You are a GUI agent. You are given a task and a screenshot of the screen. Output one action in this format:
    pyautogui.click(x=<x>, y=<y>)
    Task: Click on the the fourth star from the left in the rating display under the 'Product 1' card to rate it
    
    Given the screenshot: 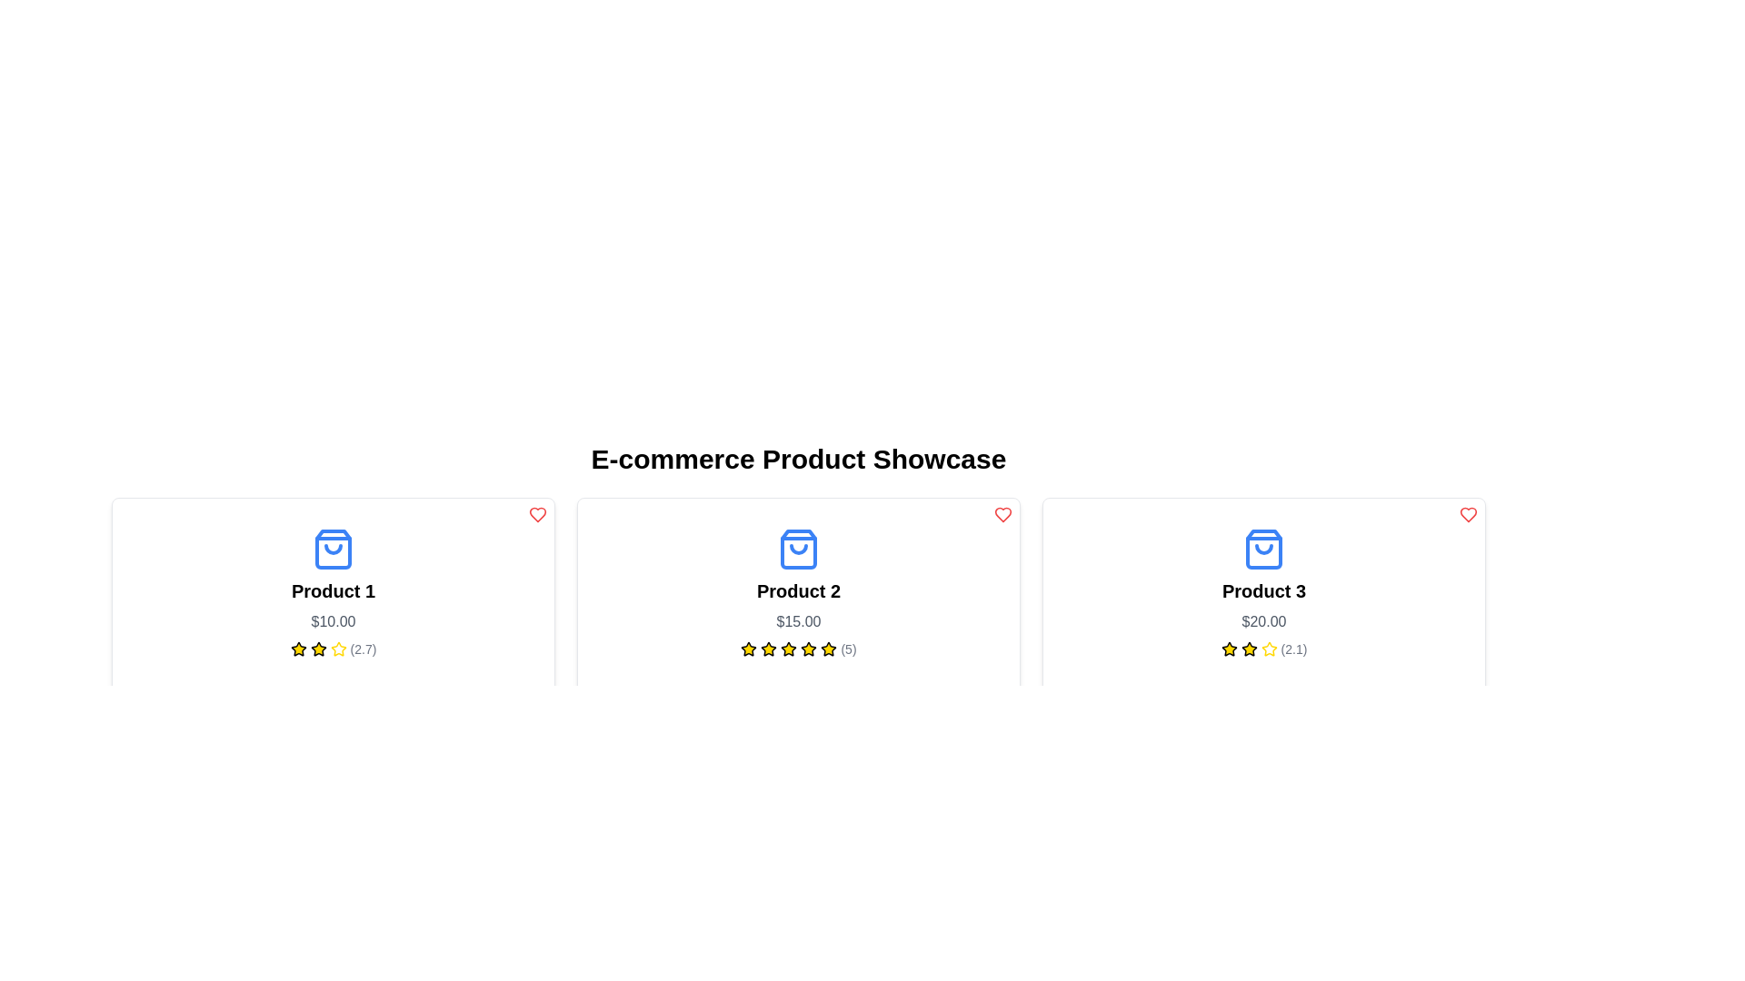 What is the action you would take?
    pyautogui.click(x=338, y=648)
    